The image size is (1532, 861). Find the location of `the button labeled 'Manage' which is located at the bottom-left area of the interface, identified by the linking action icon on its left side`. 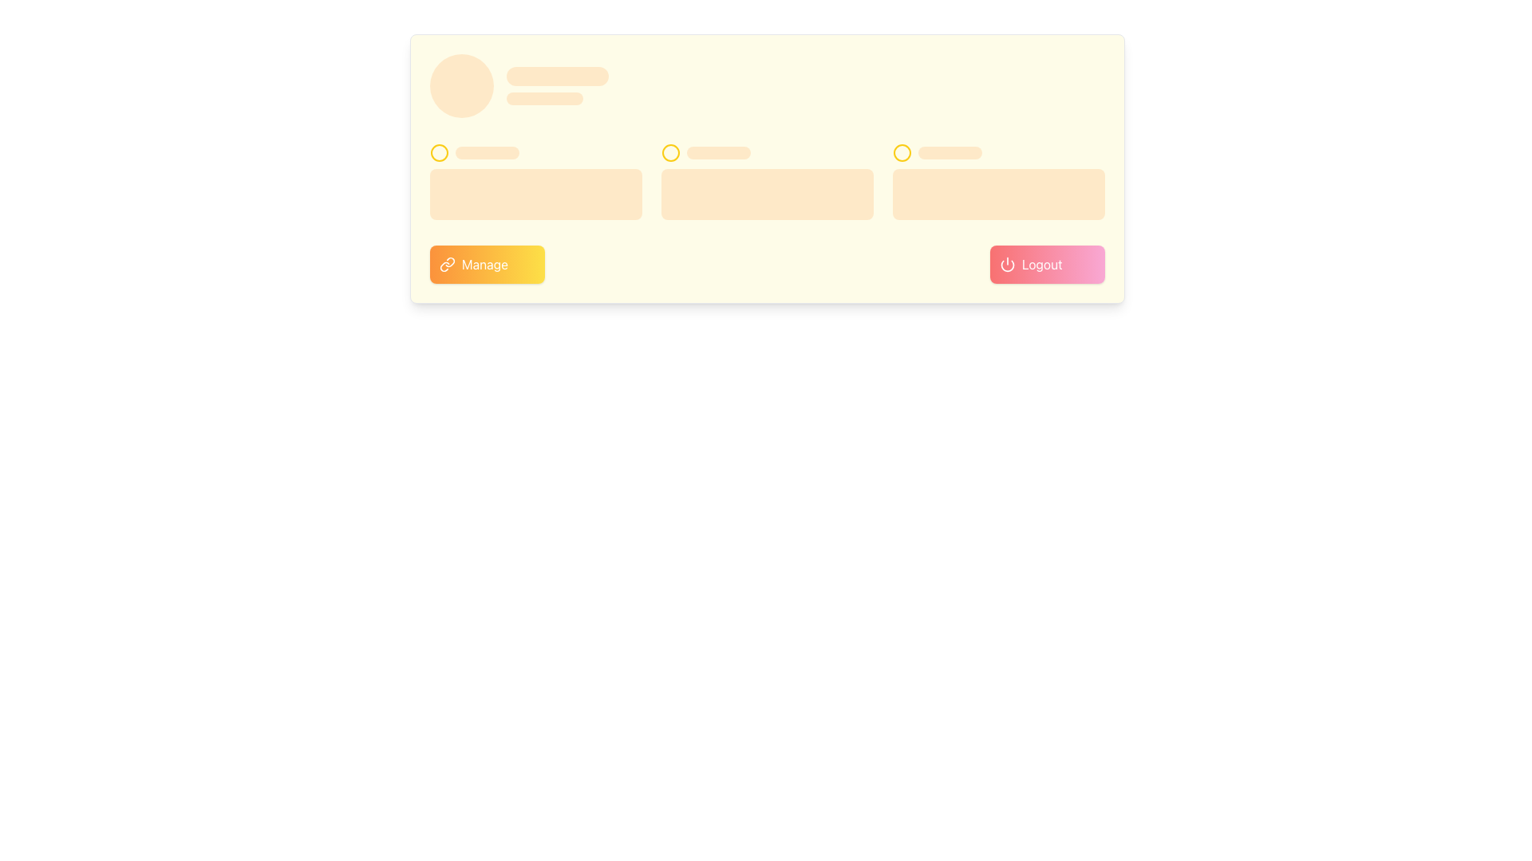

the button labeled 'Manage' which is located at the bottom-left area of the interface, identified by the linking action icon on its left side is located at coordinates (447, 263).